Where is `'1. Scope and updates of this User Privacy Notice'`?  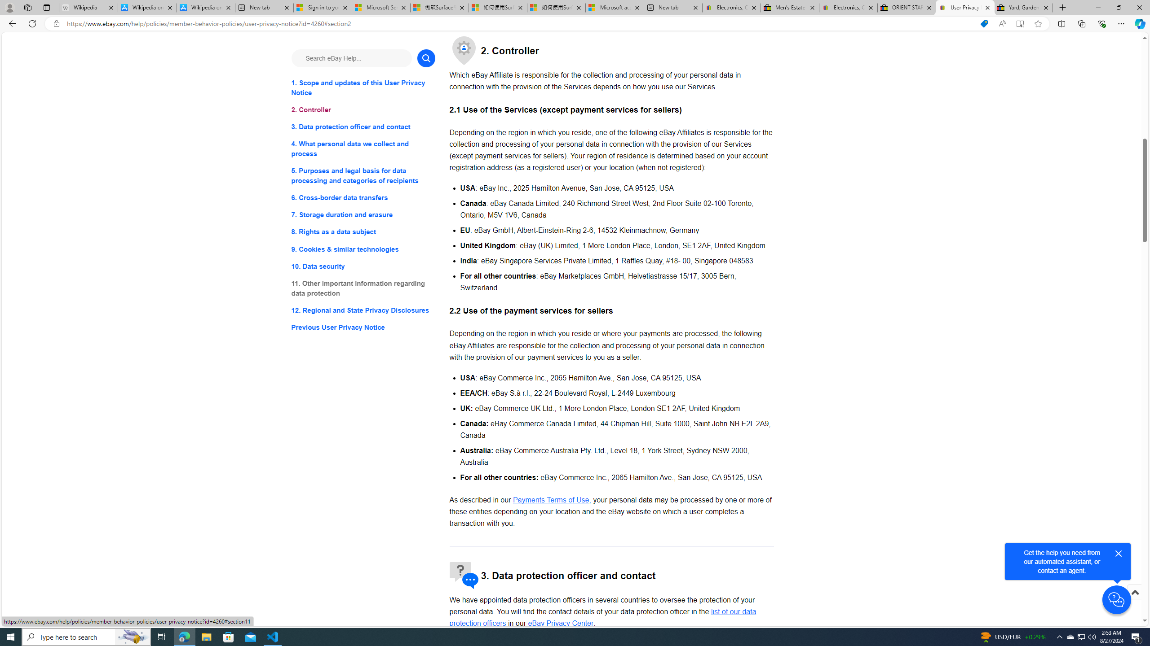
'1. Scope and updates of this User Privacy Notice' is located at coordinates (363, 87).